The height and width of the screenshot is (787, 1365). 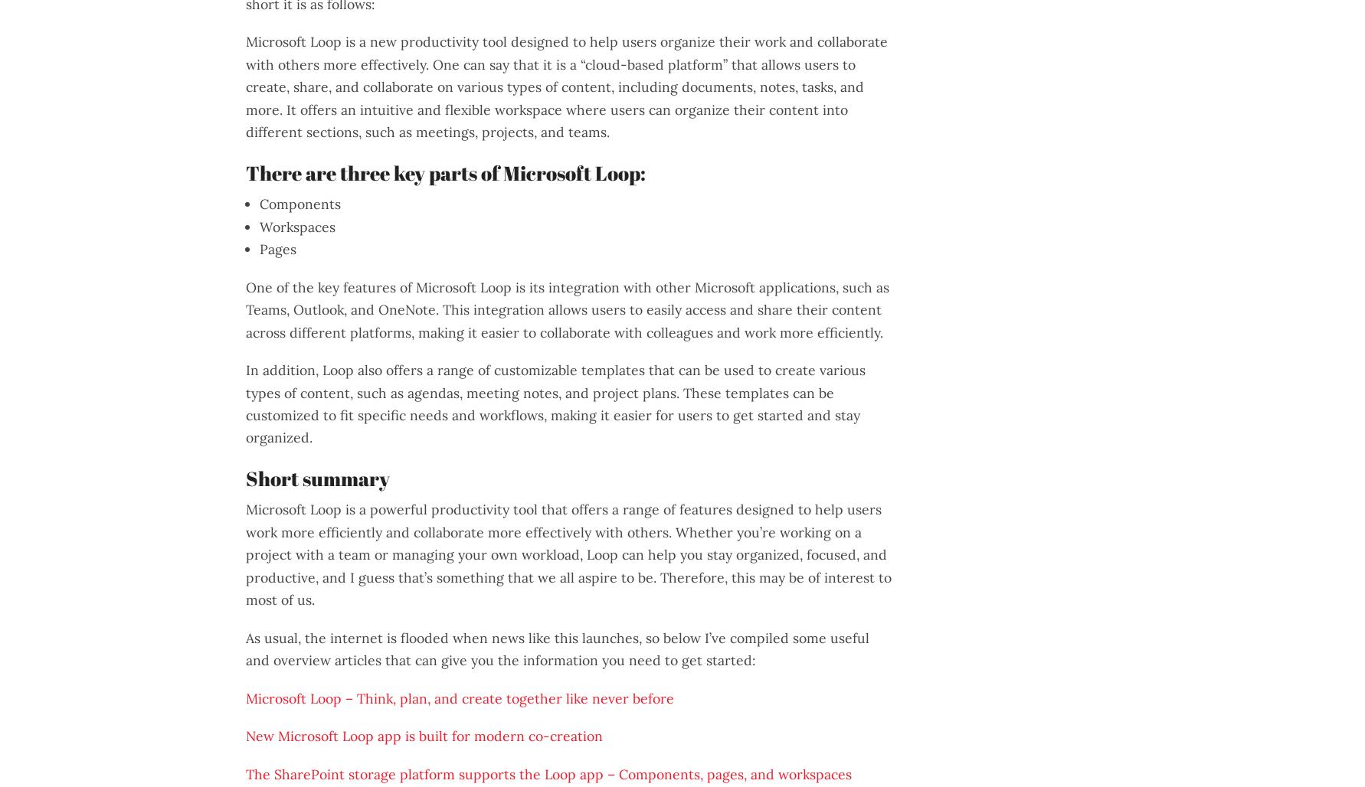 I want to click on 'Pages', so click(x=277, y=248).